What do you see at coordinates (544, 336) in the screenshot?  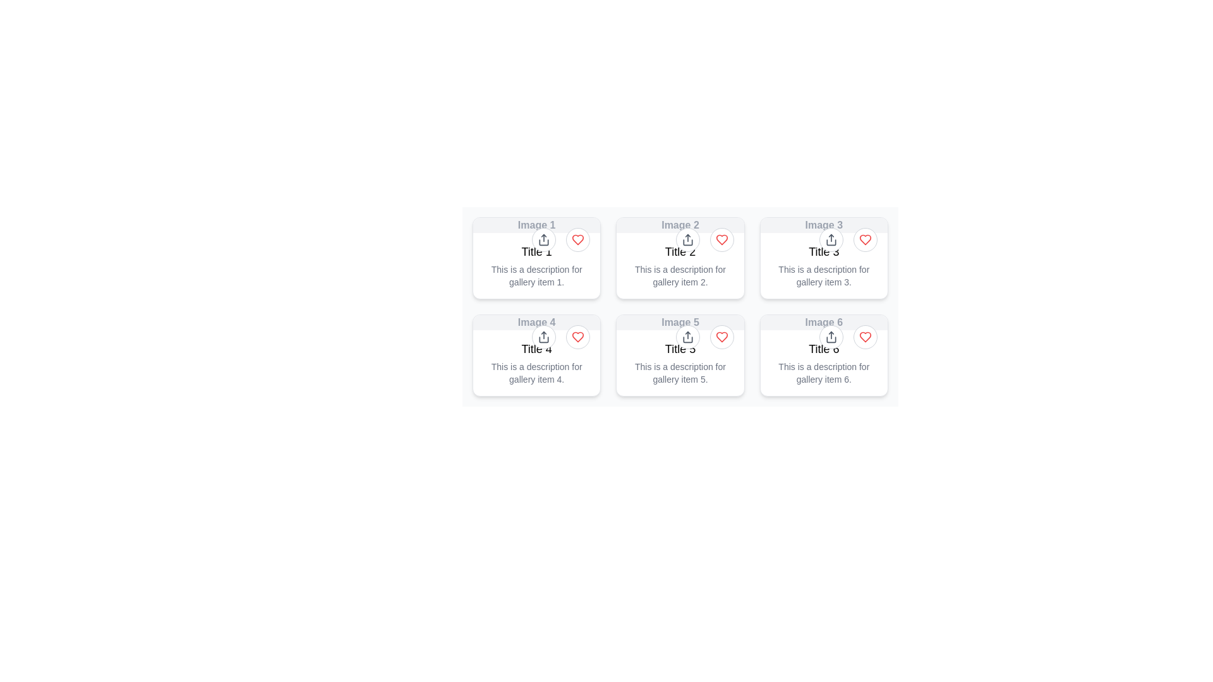 I see `the share icon button, which is a clean gray upward arrow located centrally in the top area of the fourth gallery card` at bounding box center [544, 336].